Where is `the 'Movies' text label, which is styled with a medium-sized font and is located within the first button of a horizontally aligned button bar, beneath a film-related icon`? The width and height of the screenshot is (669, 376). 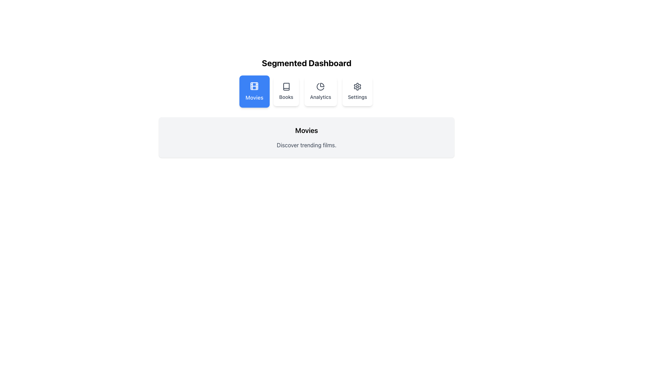 the 'Movies' text label, which is styled with a medium-sized font and is located within the first button of a horizontally aligned button bar, beneath a film-related icon is located at coordinates (254, 97).